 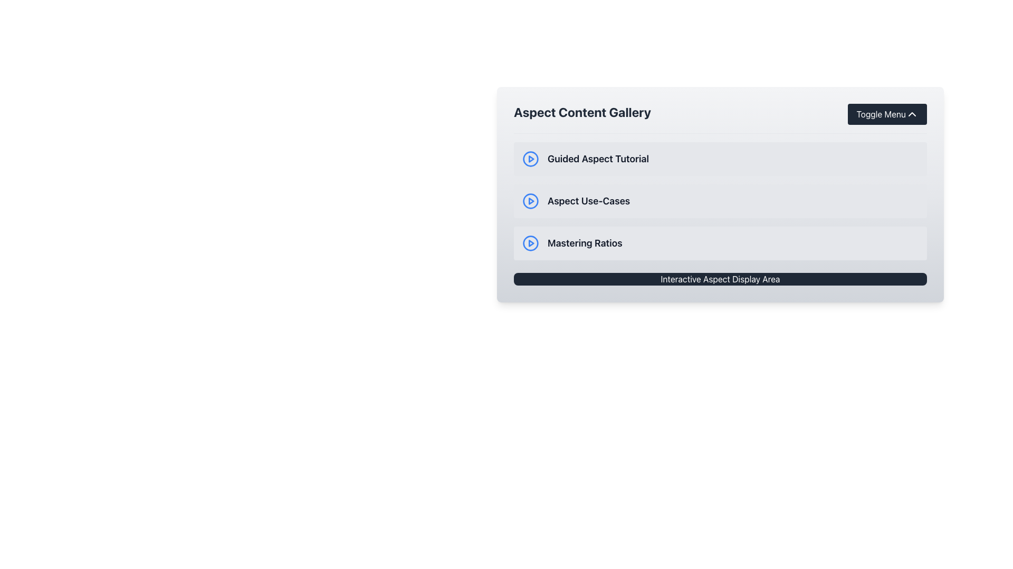 I want to click on the Display Area located at the bottom of the 'Aspect Content Gallery', which is the last element among its siblings, so click(x=720, y=278).